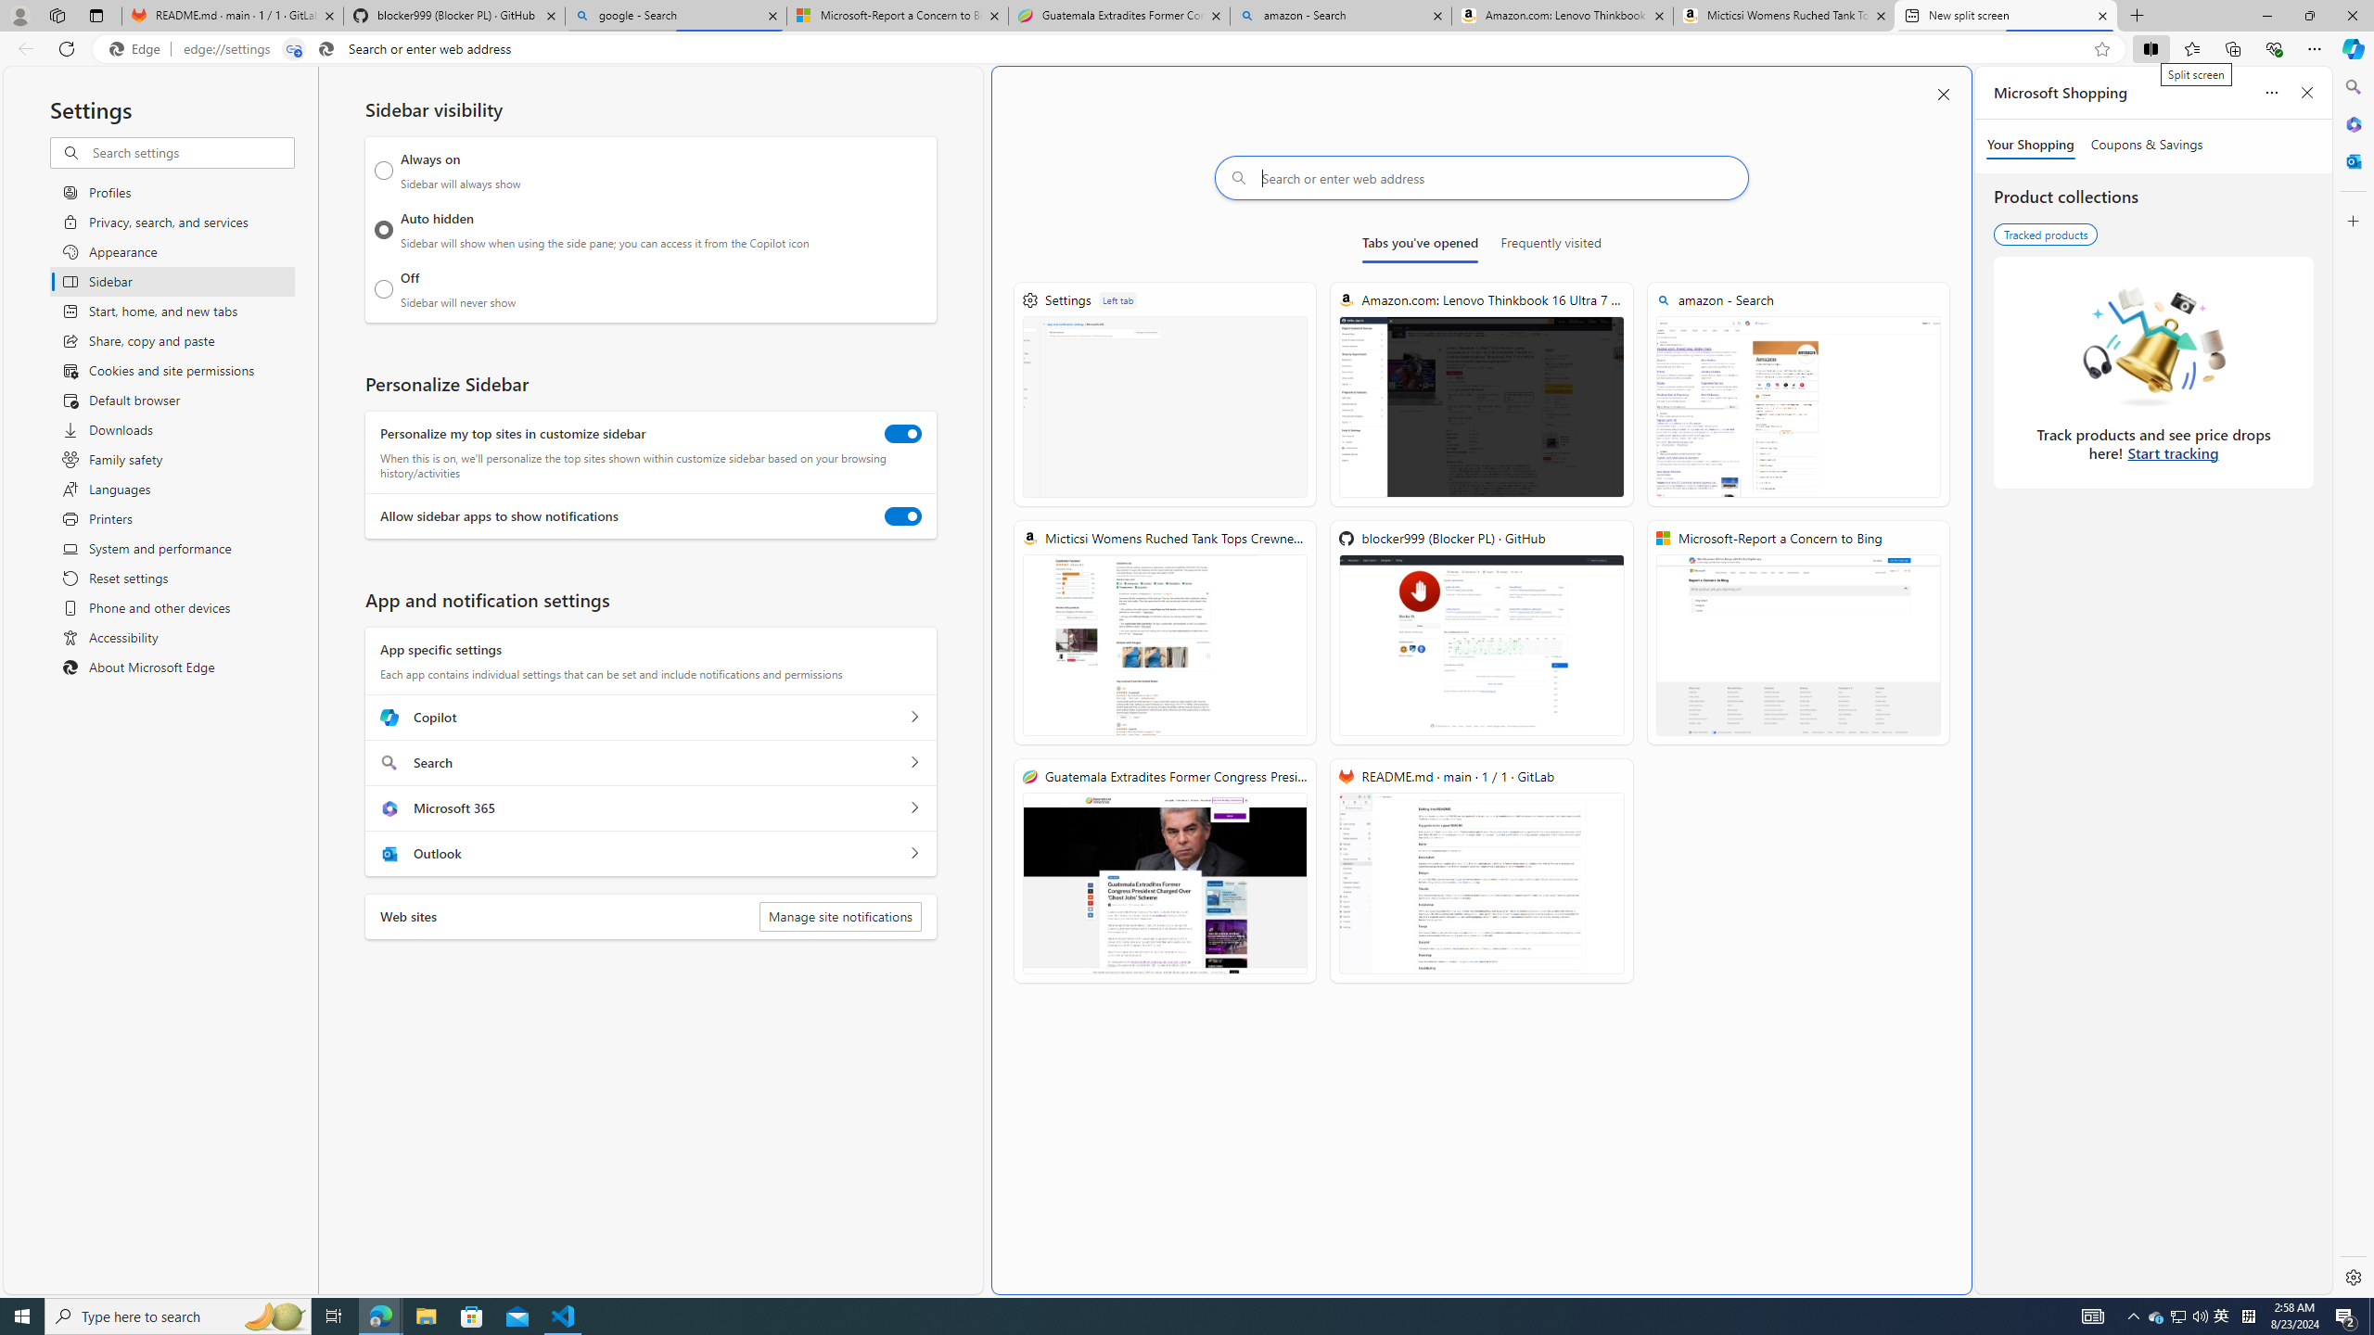 This screenshot has height=1335, width=2374. Describe the element at coordinates (383, 288) in the screenshot. I see `'Off Sidebar will never show'` at that location.